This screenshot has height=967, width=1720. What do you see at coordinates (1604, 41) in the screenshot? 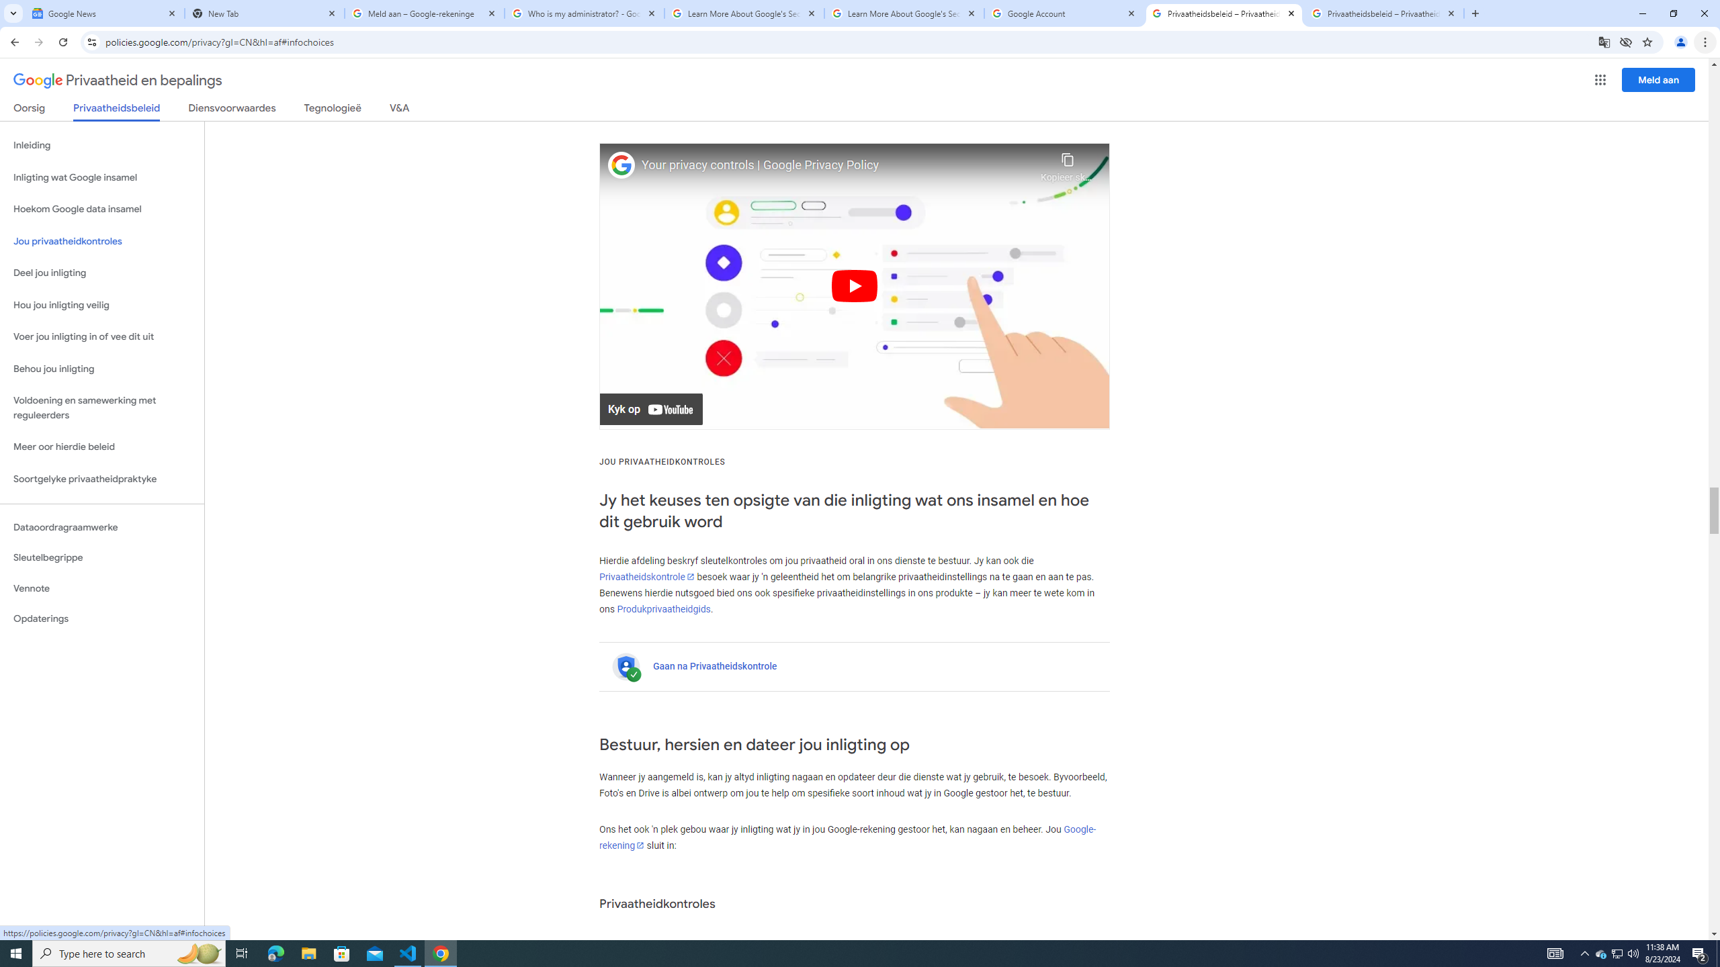
I see `'Translate this page'` at bounding box center [1604, 41].